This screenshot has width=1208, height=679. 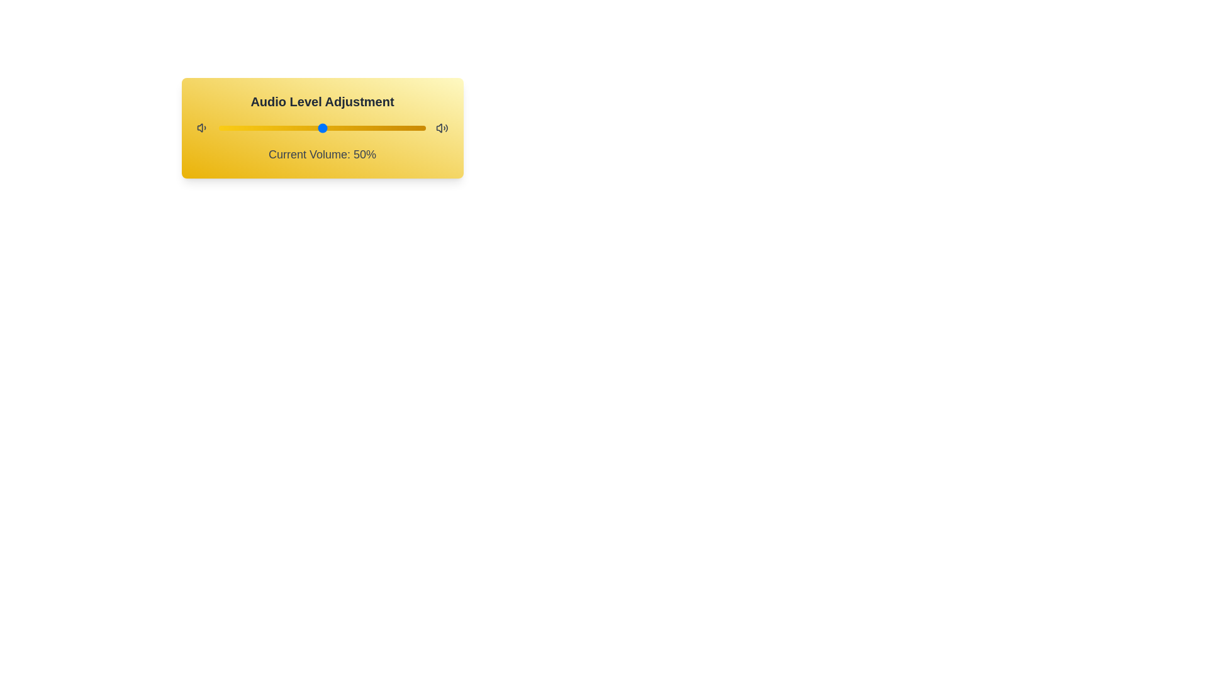 I want to click on the mute/unmute icon located at the far right of the horizontal volume adjustment bar, so click(x=439, y=128).